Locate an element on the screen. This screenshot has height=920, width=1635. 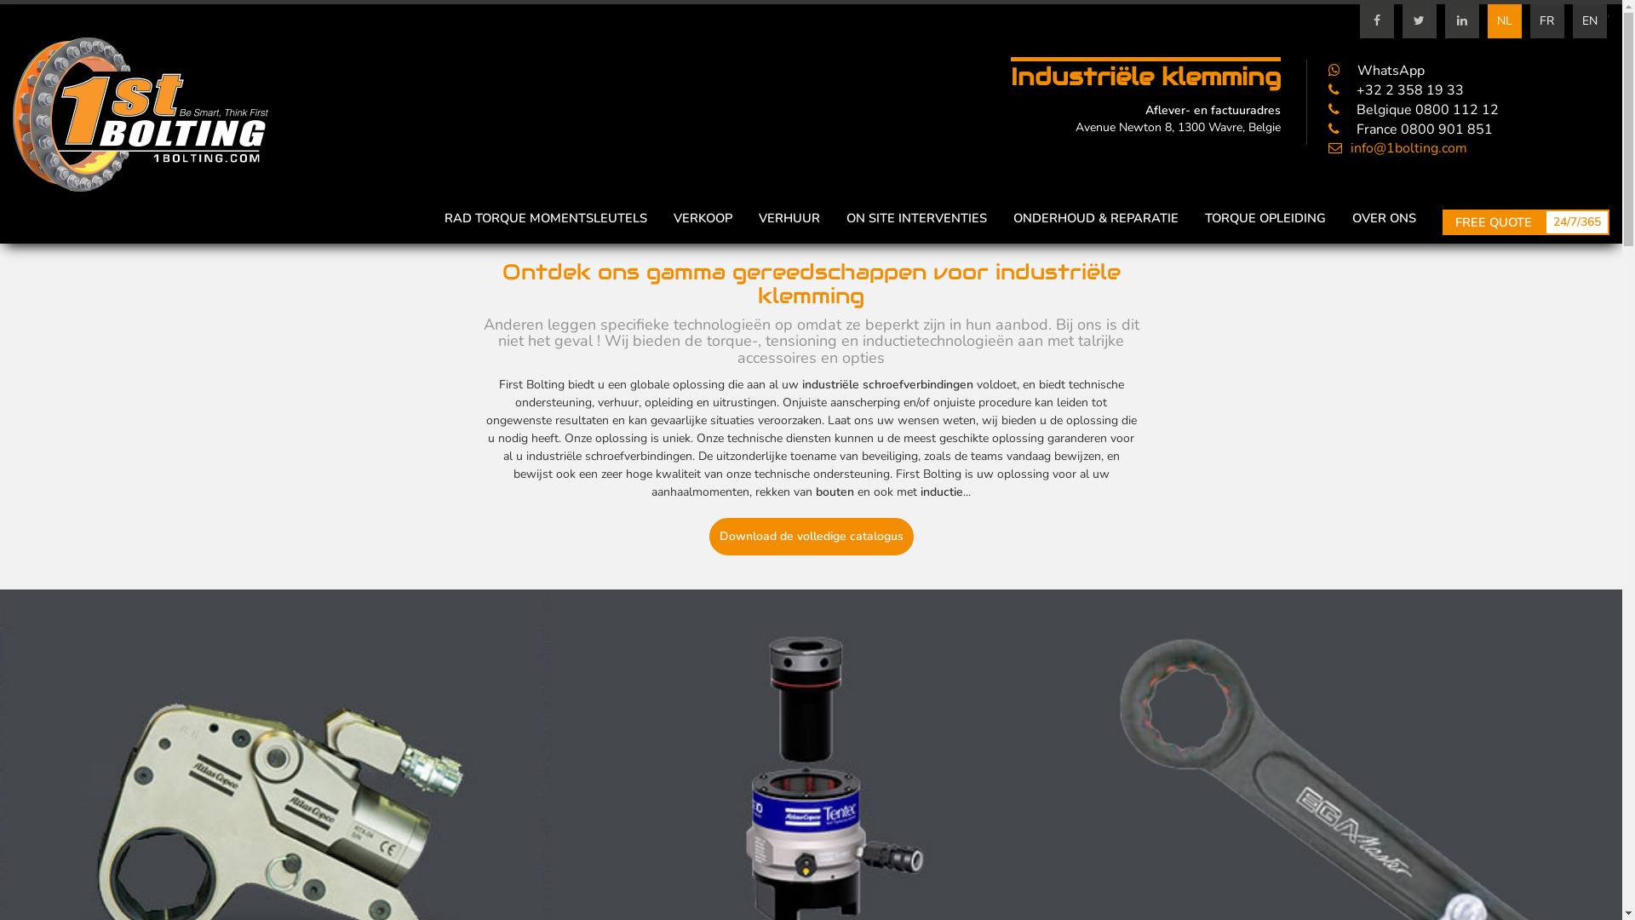
'Hydraulische momentsleutels (RT en RTX)' is located at coordinates (269, 825).